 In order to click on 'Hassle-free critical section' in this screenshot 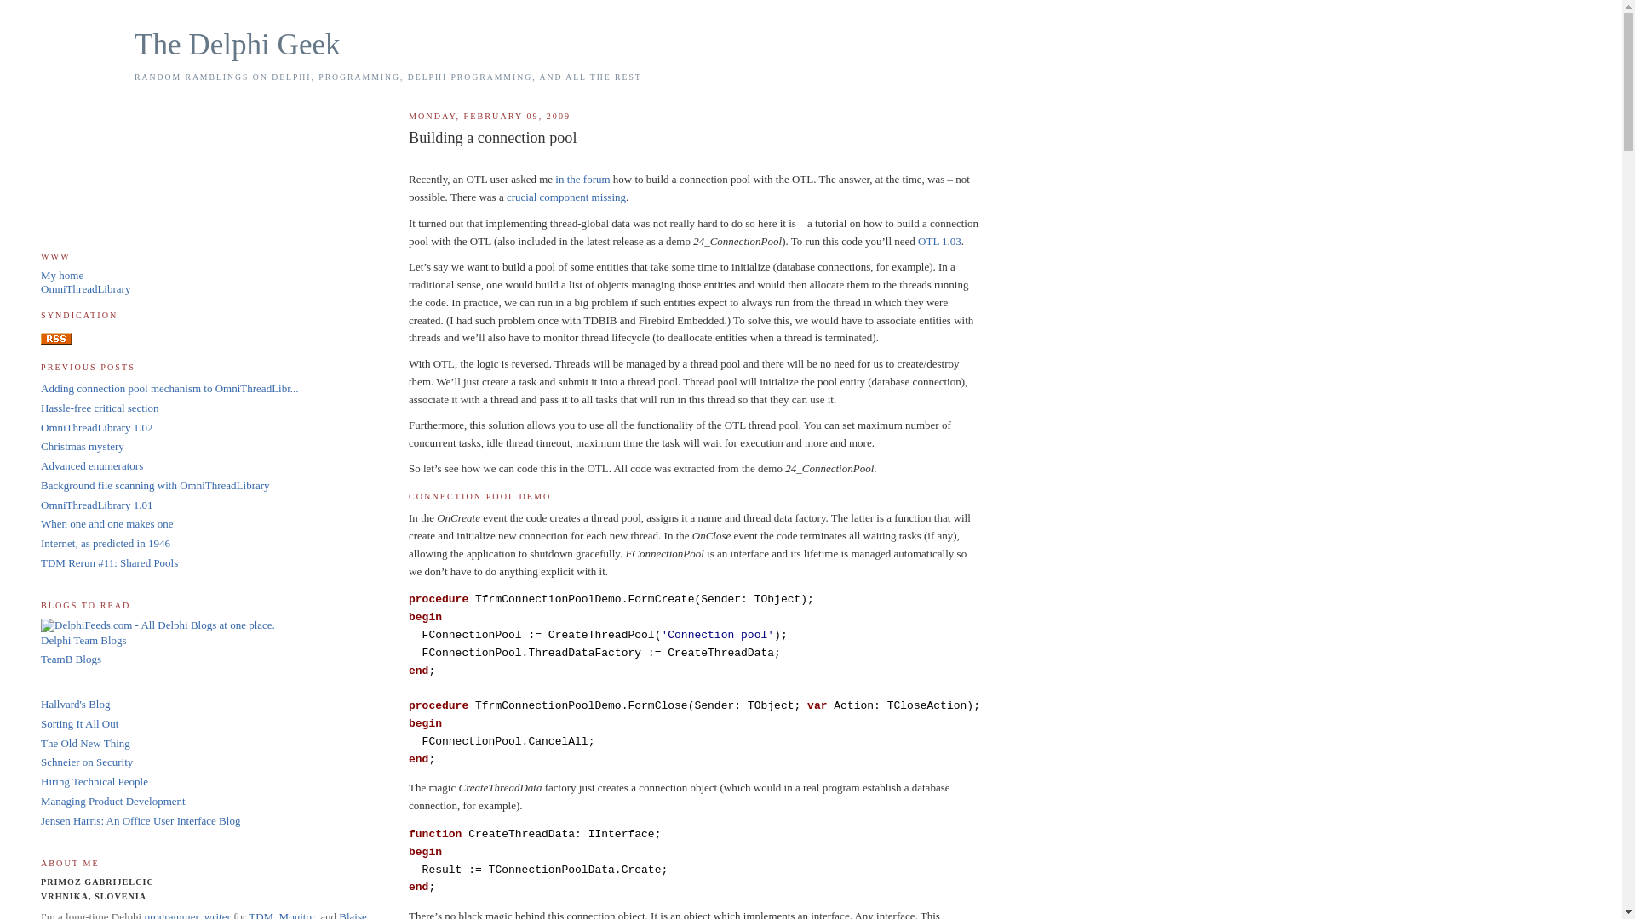, I will do `click(99, 408)`.